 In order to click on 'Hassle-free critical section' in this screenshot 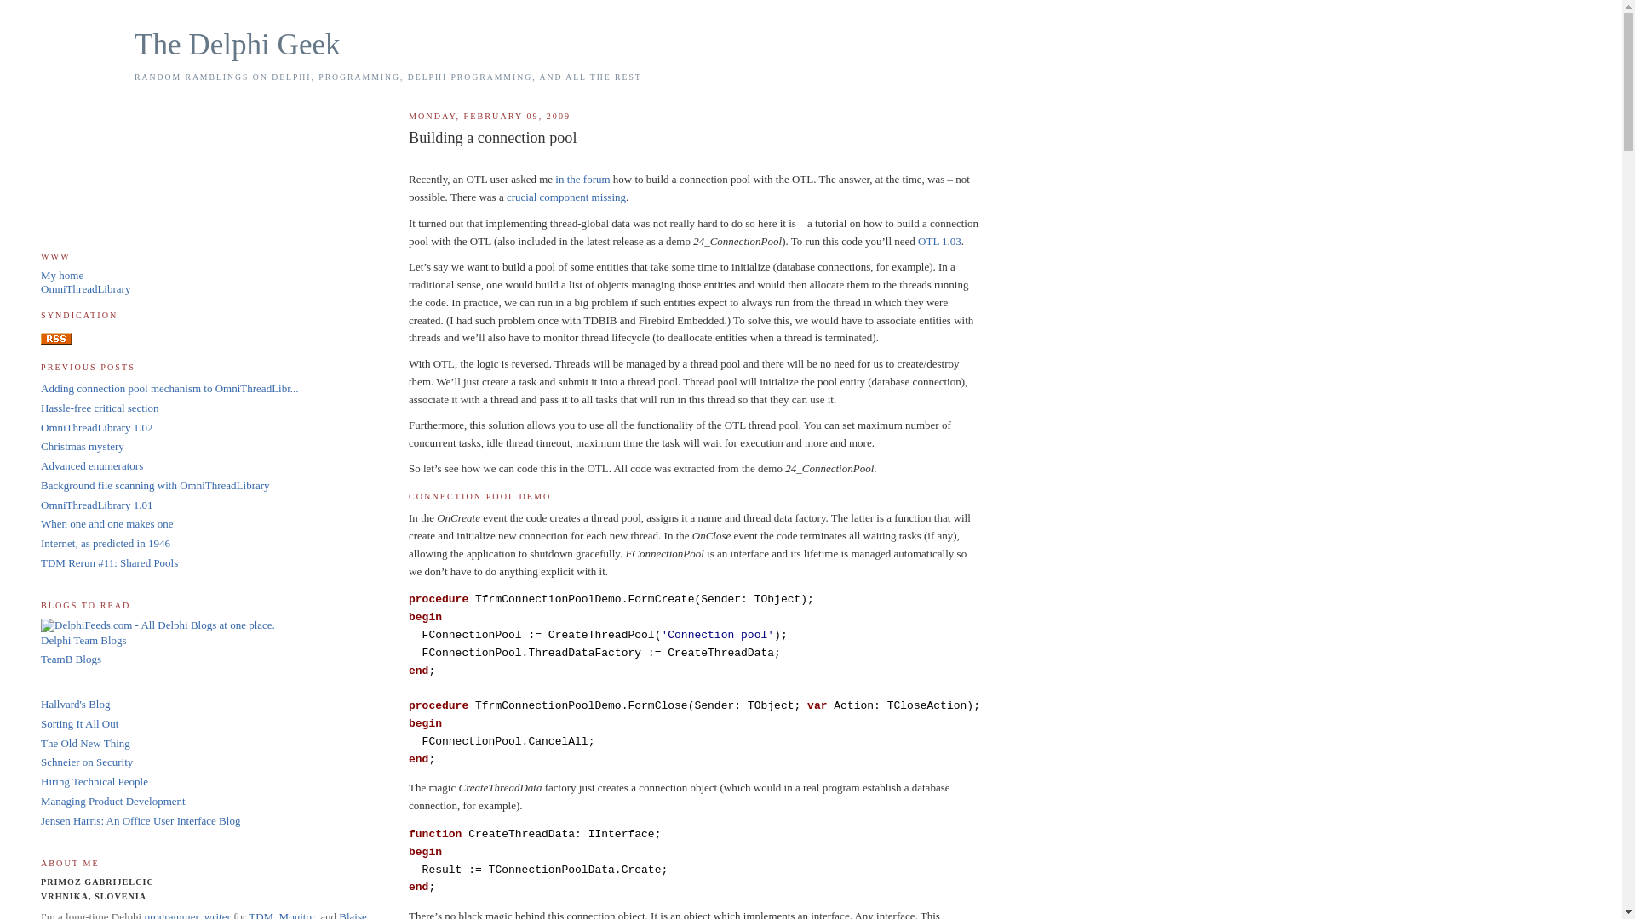, I will do `click(99, 408)`.